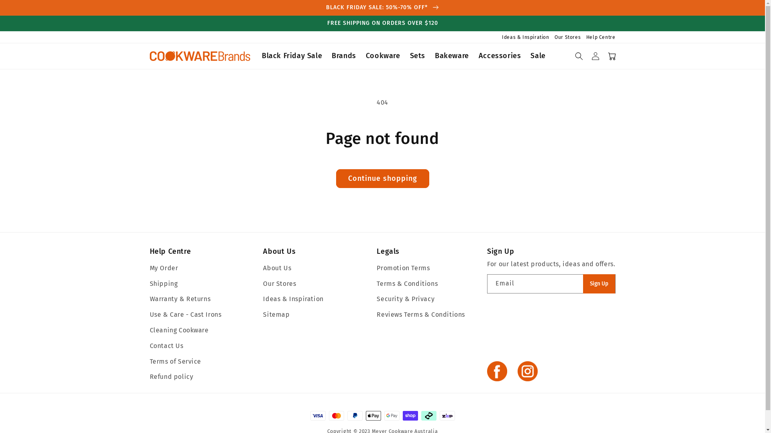 Image resolution: width=771 pixels, height=433 pixels. What do you see at coordinates (612, 55) in the screenshot?
I see `'Cart'` at bounding box center [612, 55].